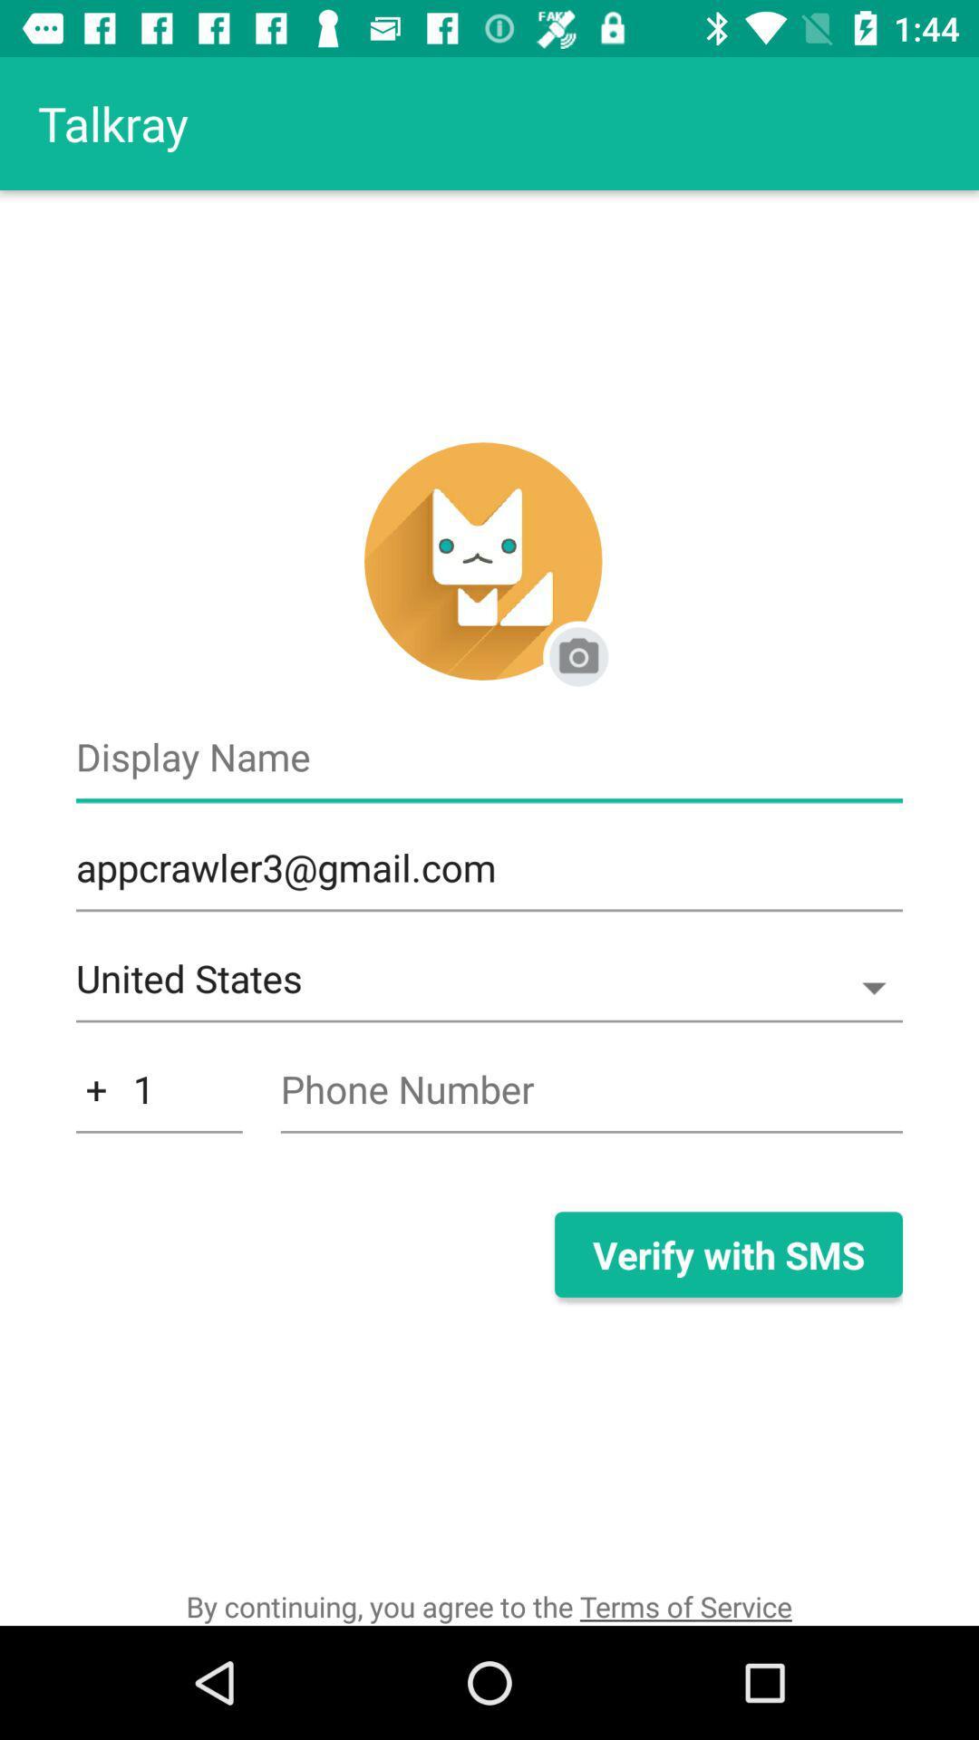 Image resolution: width=979 pixels, height=1740 pixels. Describe the element at coordinates (727, 1253) in the screenshot. I see `item above the by continuing you item` at that location.